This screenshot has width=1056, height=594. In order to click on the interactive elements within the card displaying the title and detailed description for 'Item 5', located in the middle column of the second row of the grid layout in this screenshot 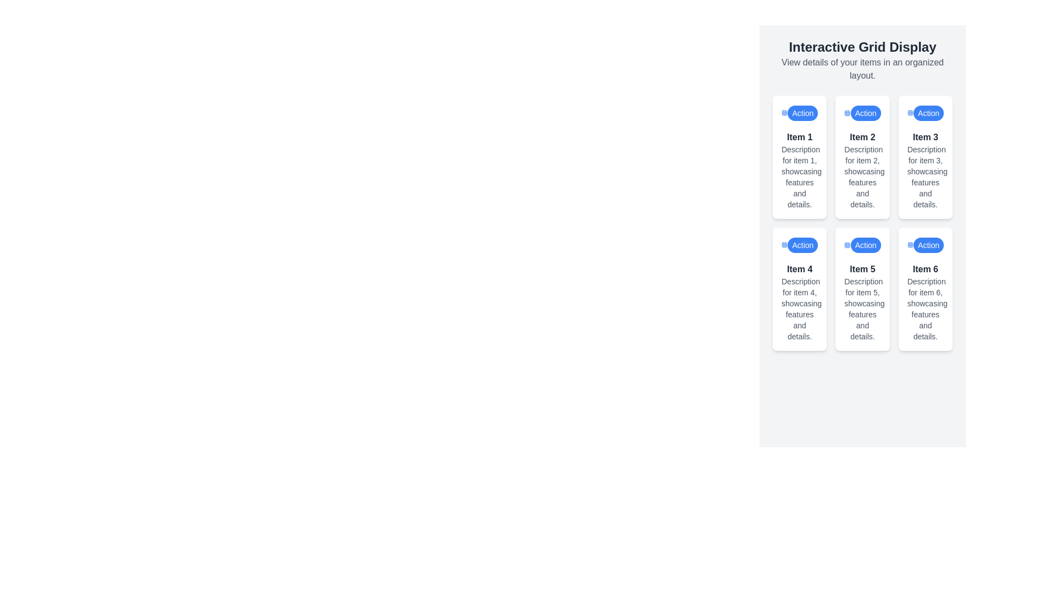, I will do `click(862, 302)`.